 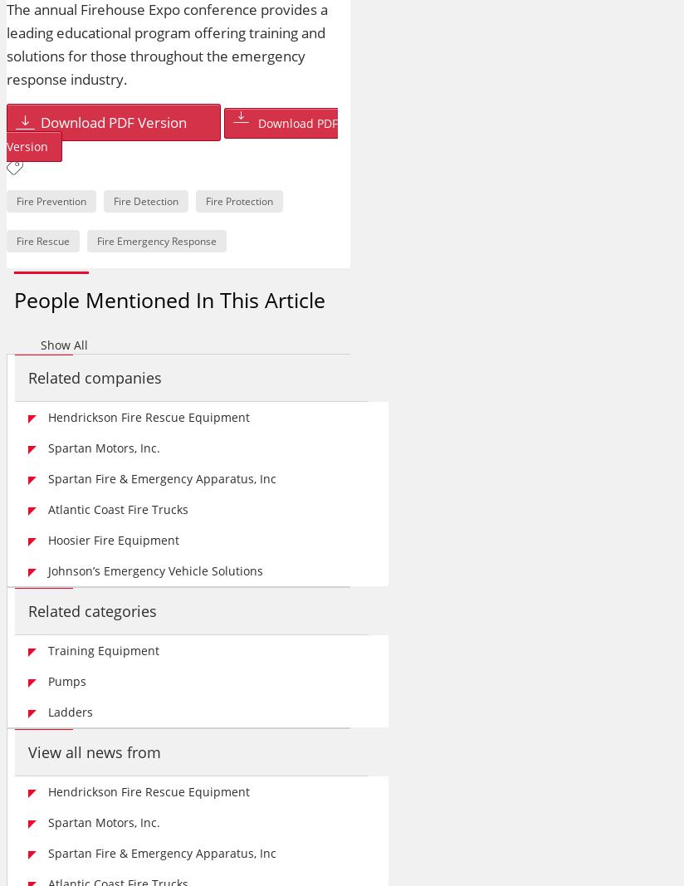 What do you see at coordinates (155, 570) in the screenshot?
I see `'Johnson’s Emergency Vehicle Solutions'` at bounding box center [155, 570].